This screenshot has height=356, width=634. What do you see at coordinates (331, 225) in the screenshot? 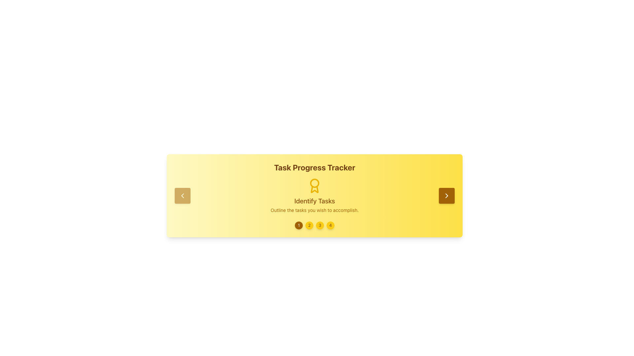
I see `the circular button with a yellow background and the number '4'` at bounding box center [331, 225].